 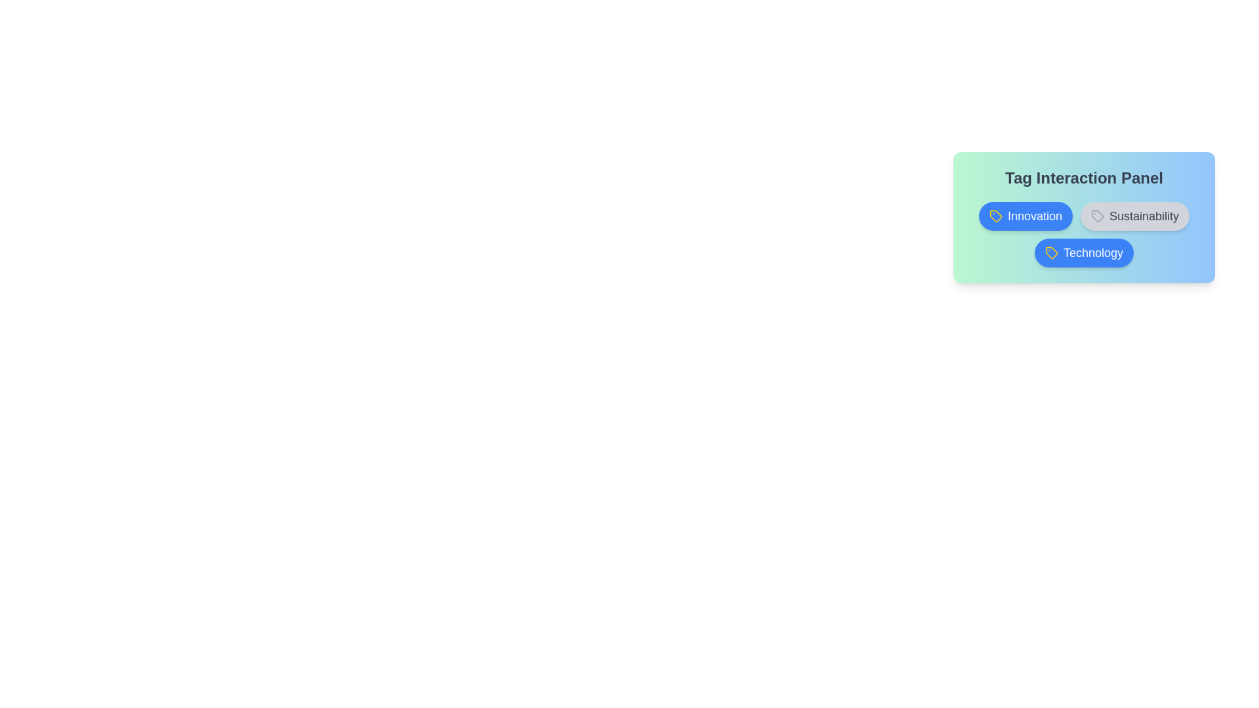 What do you see at coordinates (1025, 216) in the screenshot?
I see `the tag button labeled 'Innovation' to toggle its activation status` at bounding box center [1025, 216].